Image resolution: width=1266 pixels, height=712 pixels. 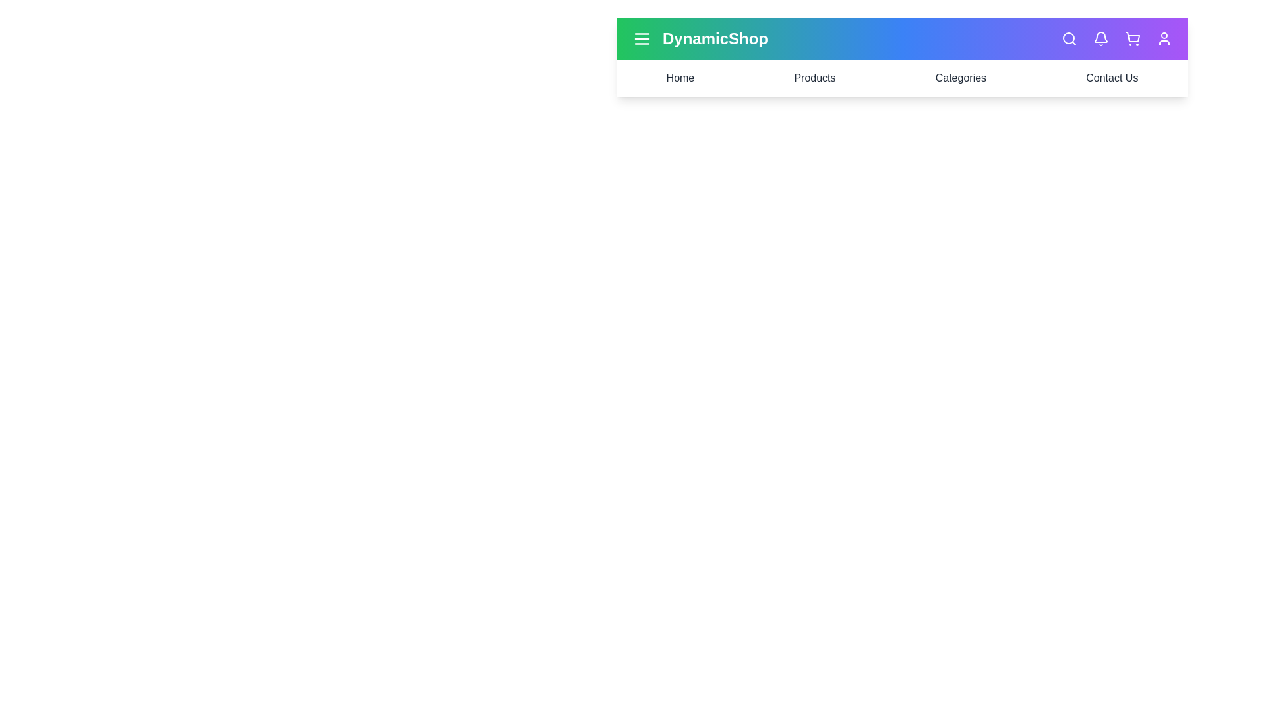 What do you see at coordinates (814, 78) in the screenshot?
I see `the navigation link labeled Products` at bounding box center [814, 78].